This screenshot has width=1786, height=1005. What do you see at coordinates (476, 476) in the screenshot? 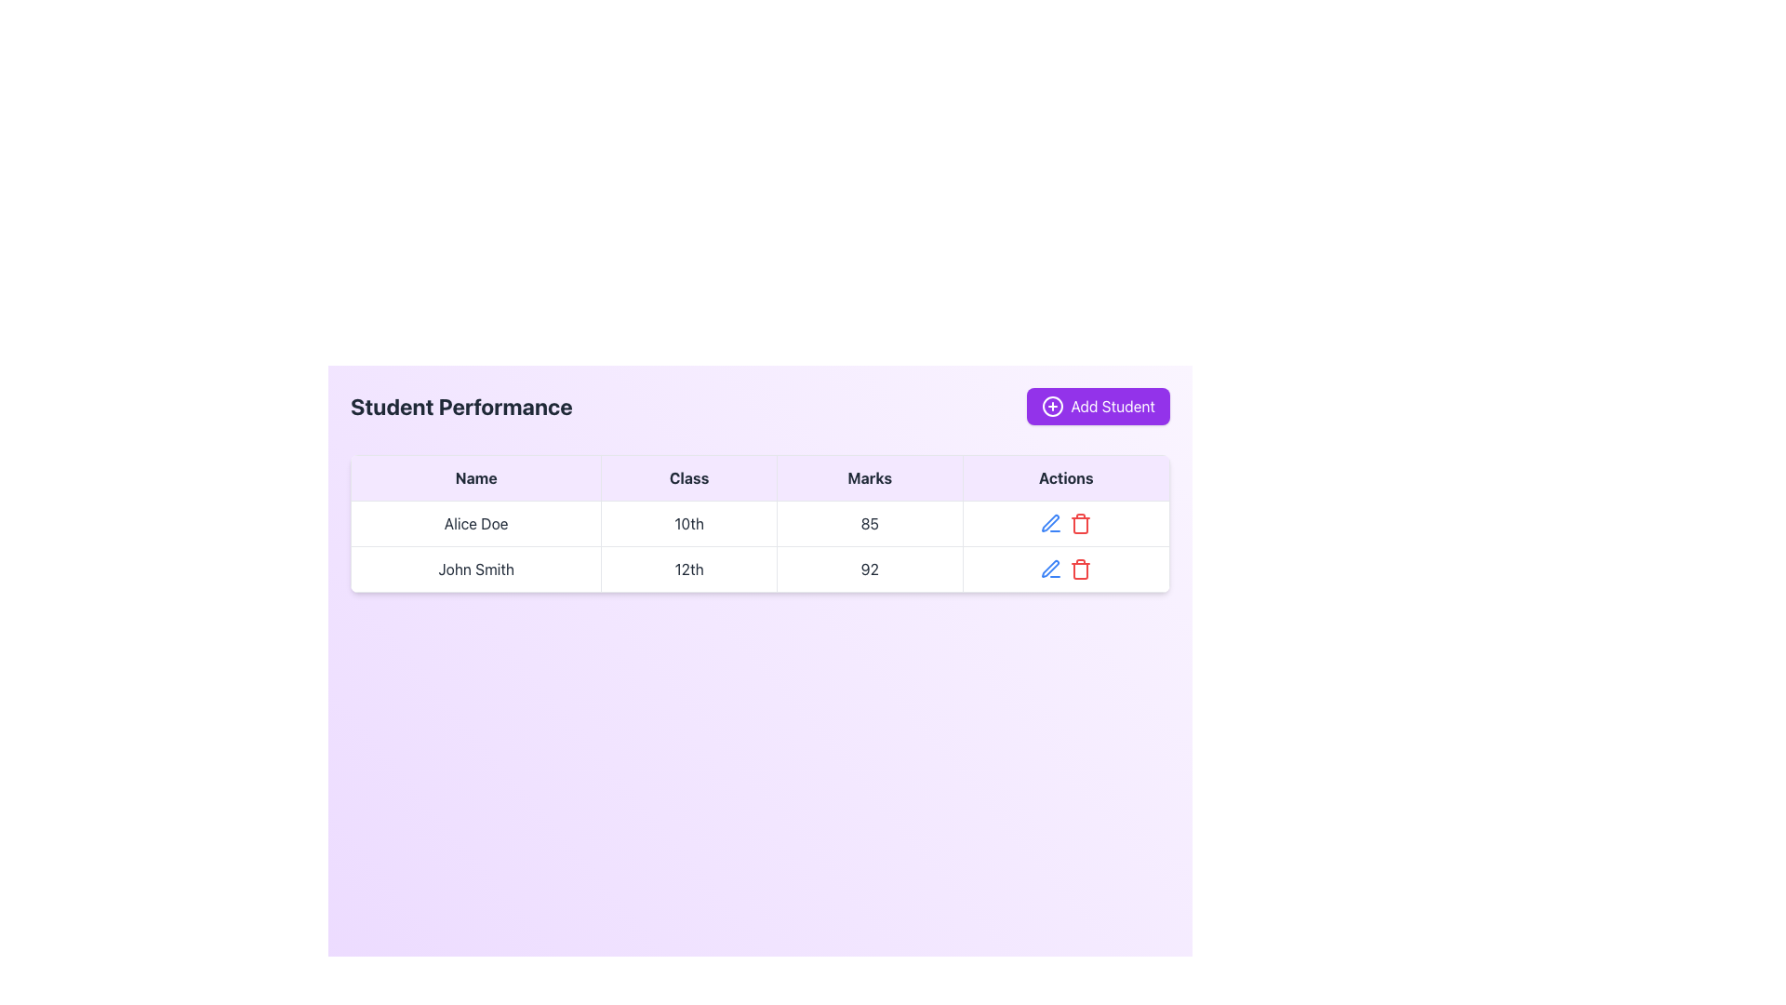
I see `the first column header of the table` at bounding box center [476, 476].